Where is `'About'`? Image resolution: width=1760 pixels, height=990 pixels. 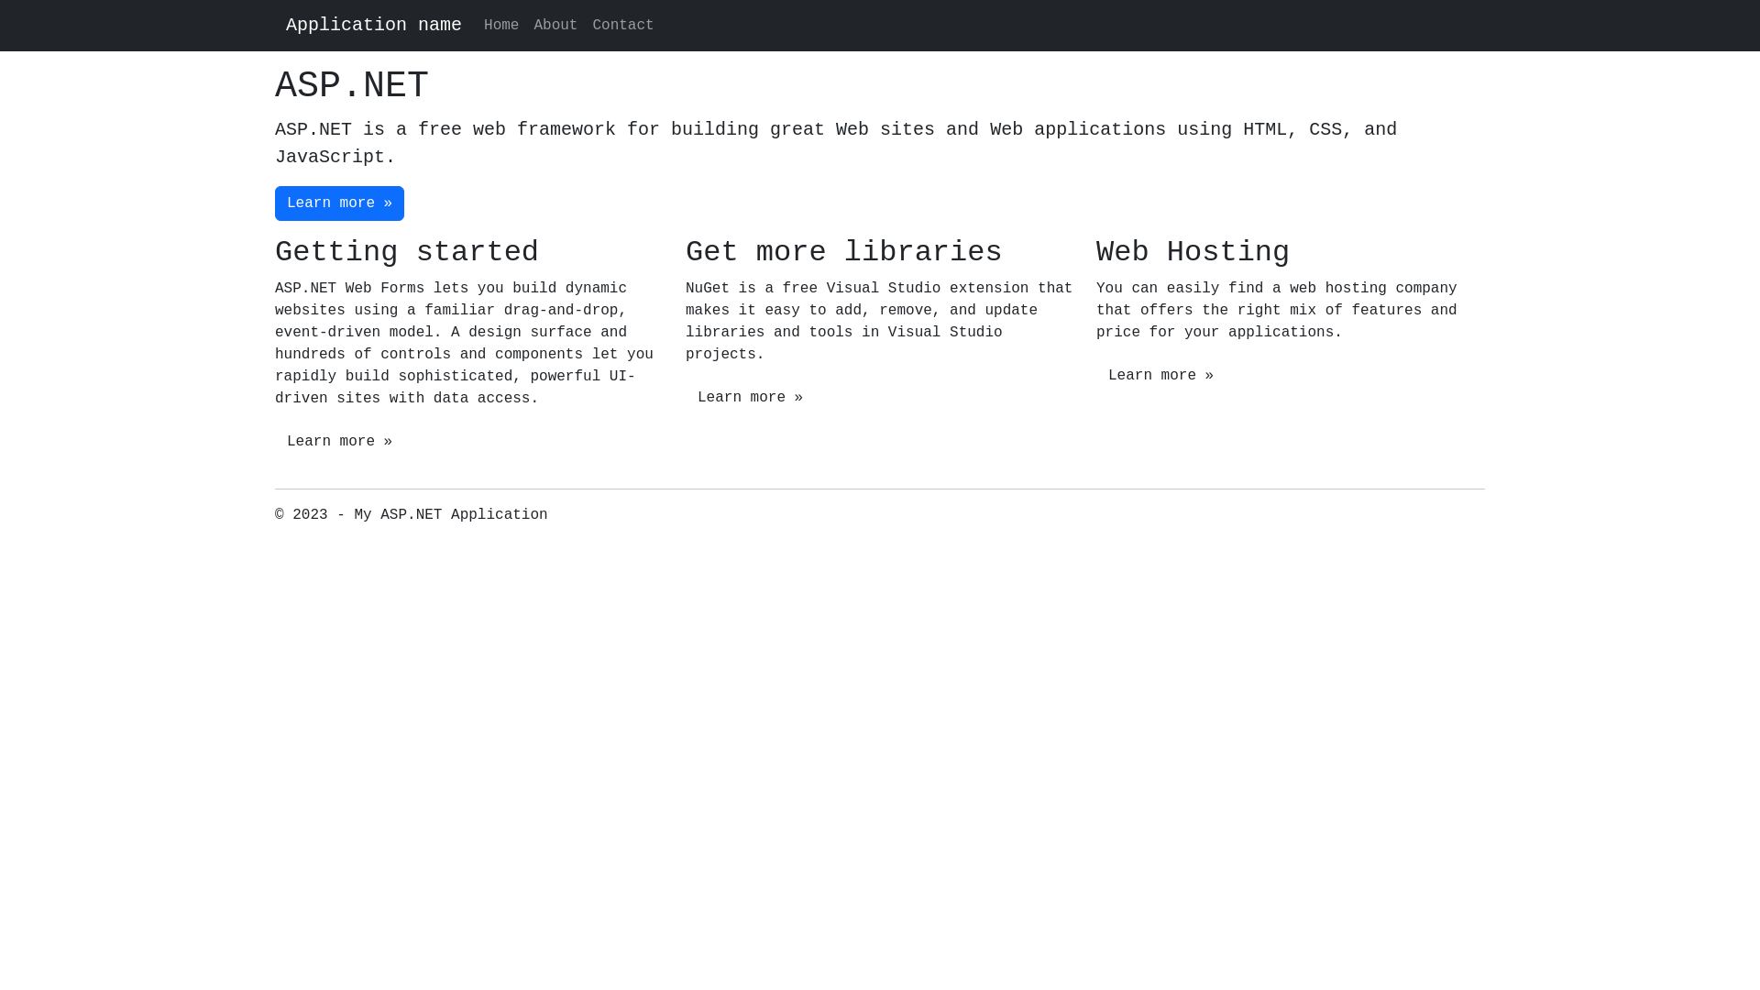
'About' is located at coordinates (554, 25).